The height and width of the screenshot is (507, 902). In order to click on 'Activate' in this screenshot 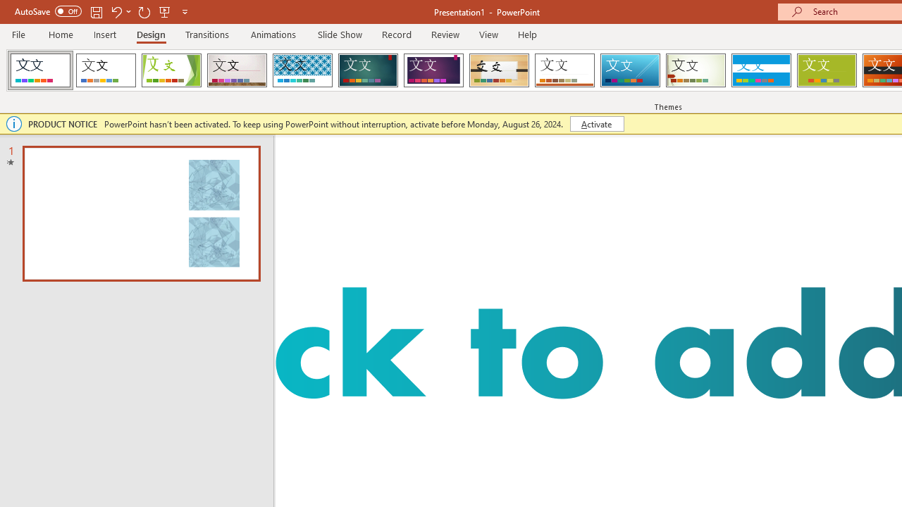, I will do `click(597, 123)`.